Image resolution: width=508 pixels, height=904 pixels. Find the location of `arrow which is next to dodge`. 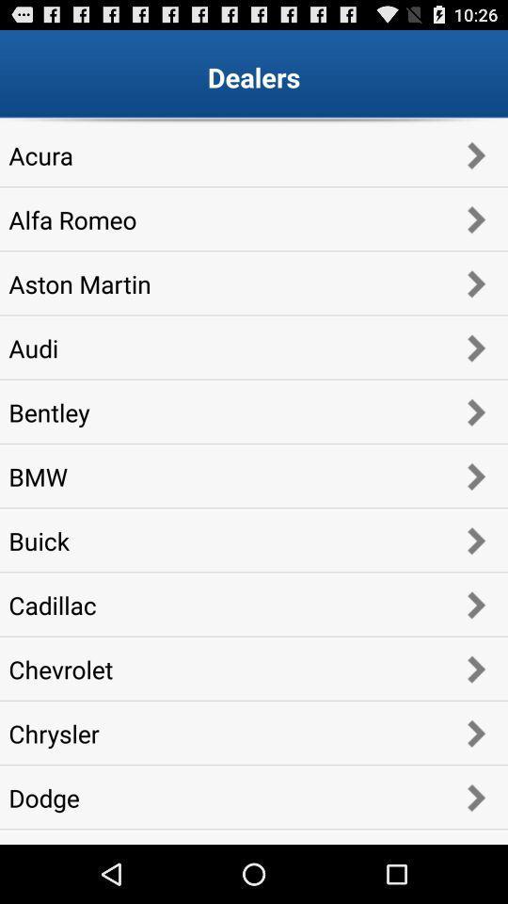

arrow which is next to dodge is located at coordinates (474, 797).